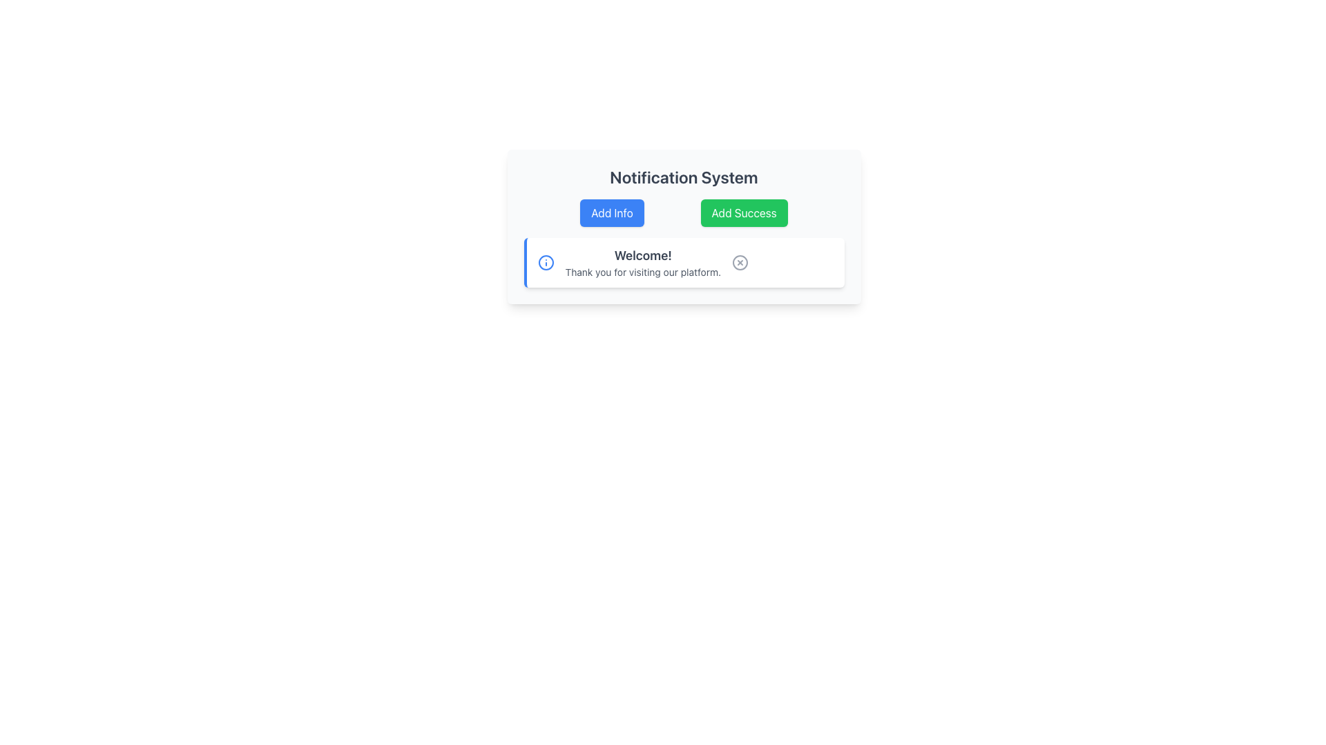  I want to click on the close button styled as an SVG icon in the top-right corner of the notification card, so click(740, 263).